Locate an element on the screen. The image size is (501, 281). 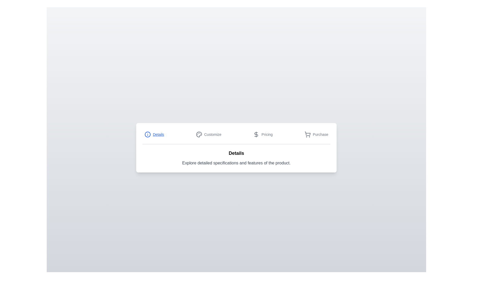
the icon next to the tab title Pricing to perform the action associated with it is located at coordinates (256, 134).